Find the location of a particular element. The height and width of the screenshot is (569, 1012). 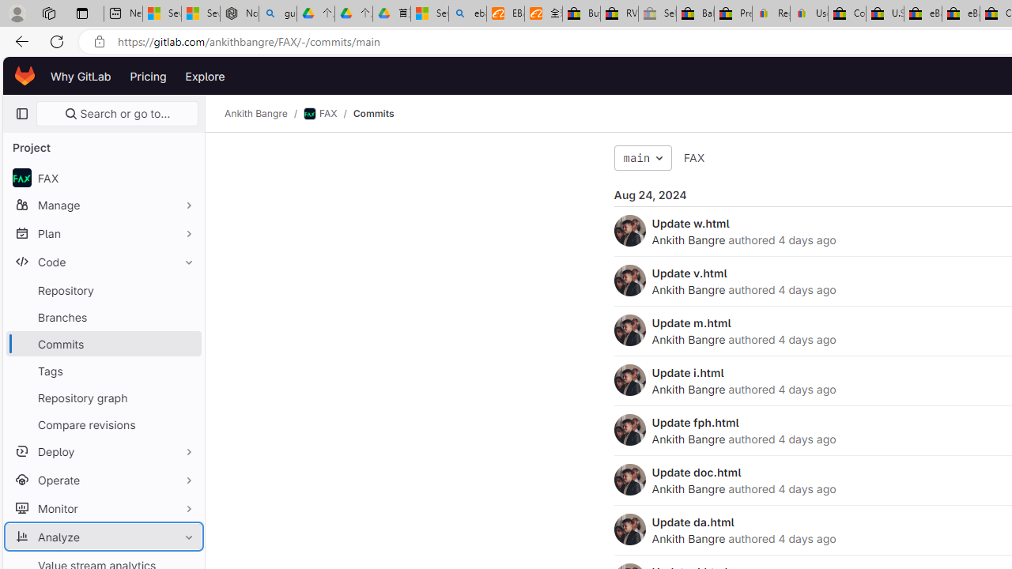

'Update i.html' is located at coordinates (688, 372).